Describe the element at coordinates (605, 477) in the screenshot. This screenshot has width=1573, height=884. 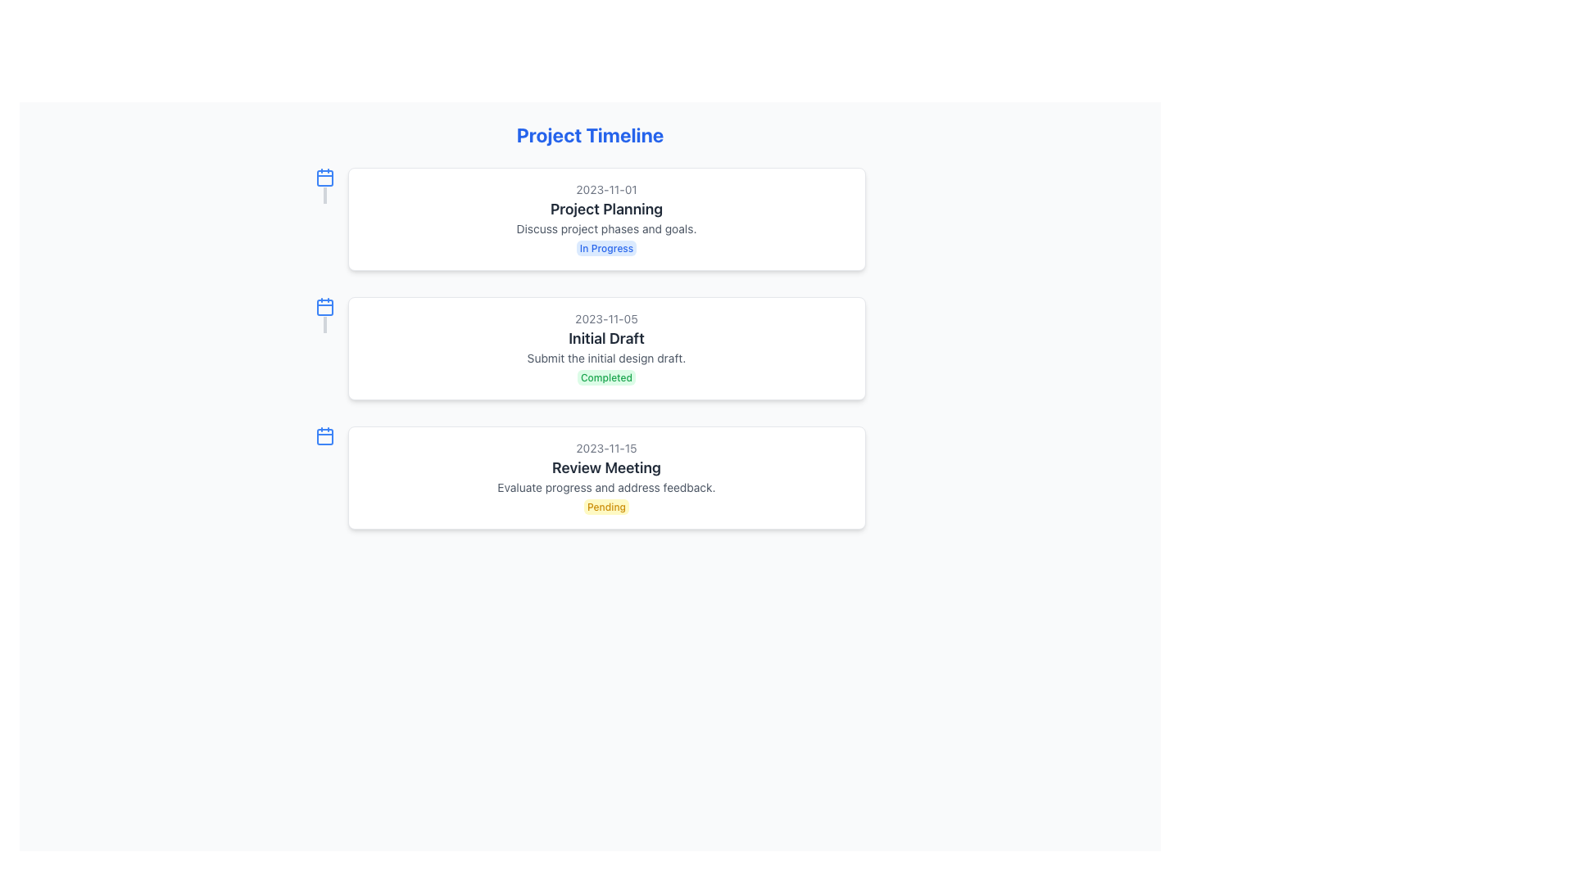
I see `the Informational Card for 'Review Meeting' scheduled on '2023-11-15', which is the third card in the vertical list of project timeline entries` at that location.